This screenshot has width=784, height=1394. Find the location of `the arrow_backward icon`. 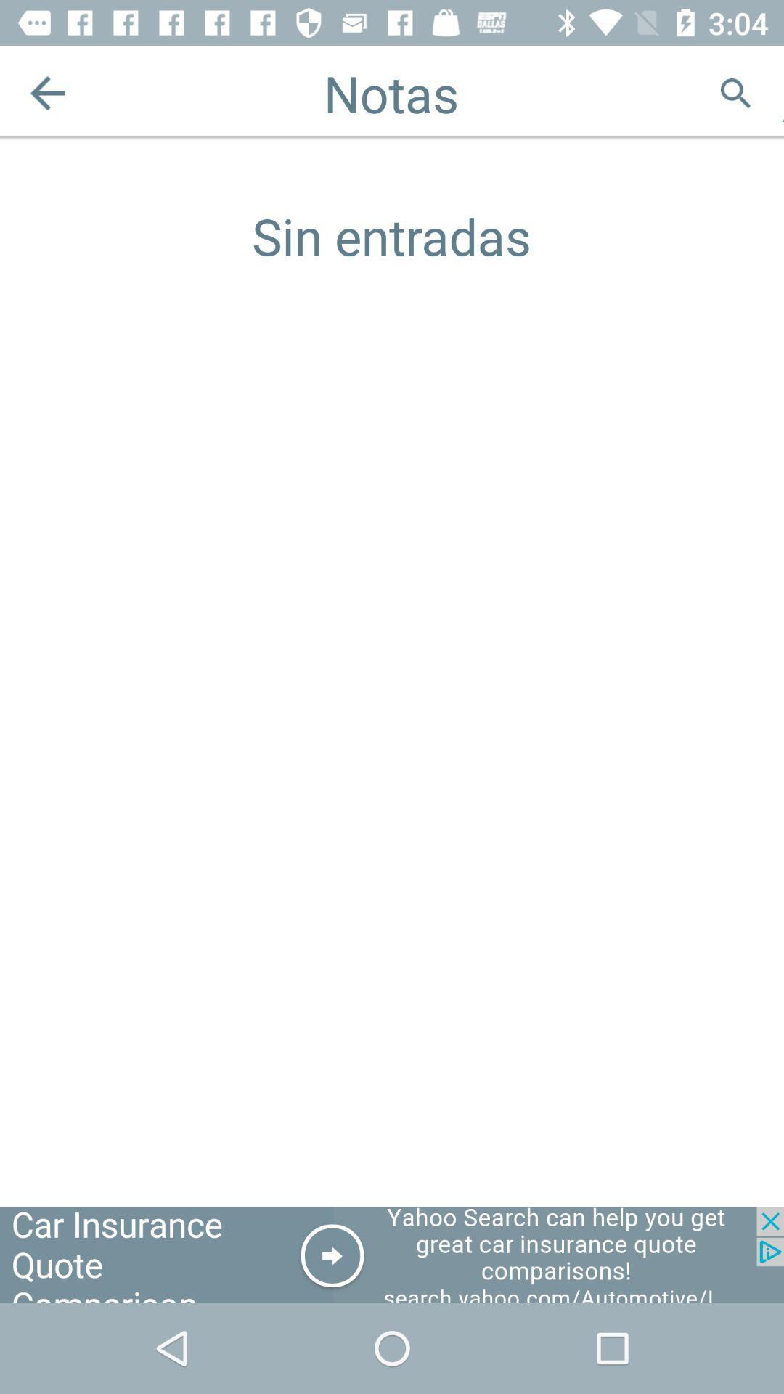

the arrow_backward icon is located at coordinates (46, 92).